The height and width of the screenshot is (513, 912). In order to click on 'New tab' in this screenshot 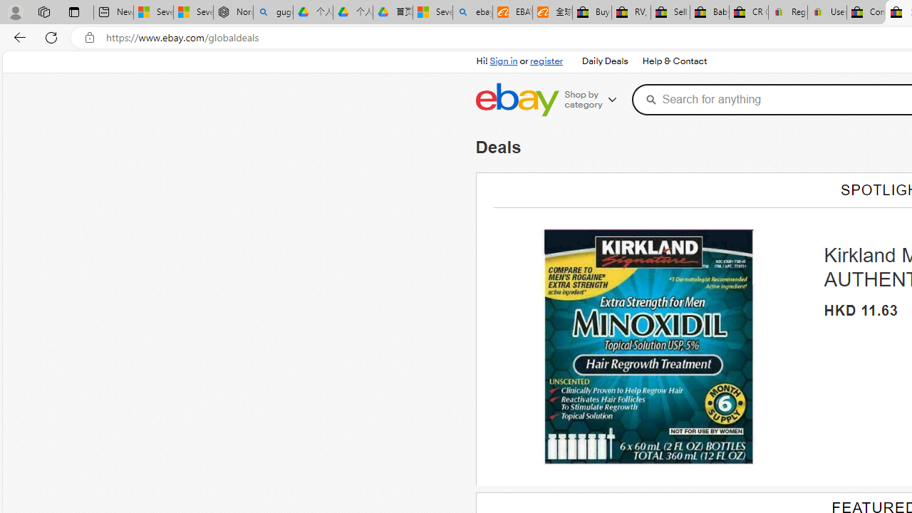, I will do `click(113, 12)`.